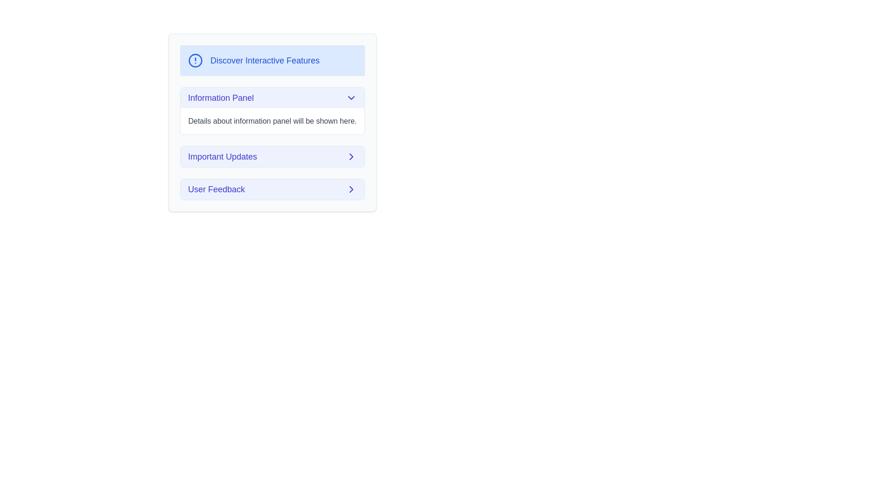 This screenshot has width=896, height=504. I want to click on text of the Text Label that serves as a title or label for the clickable section or button, positioned in the middle section of a vertical list, below 'Information Panel' and above 'User Feedback', so click(222, 156).